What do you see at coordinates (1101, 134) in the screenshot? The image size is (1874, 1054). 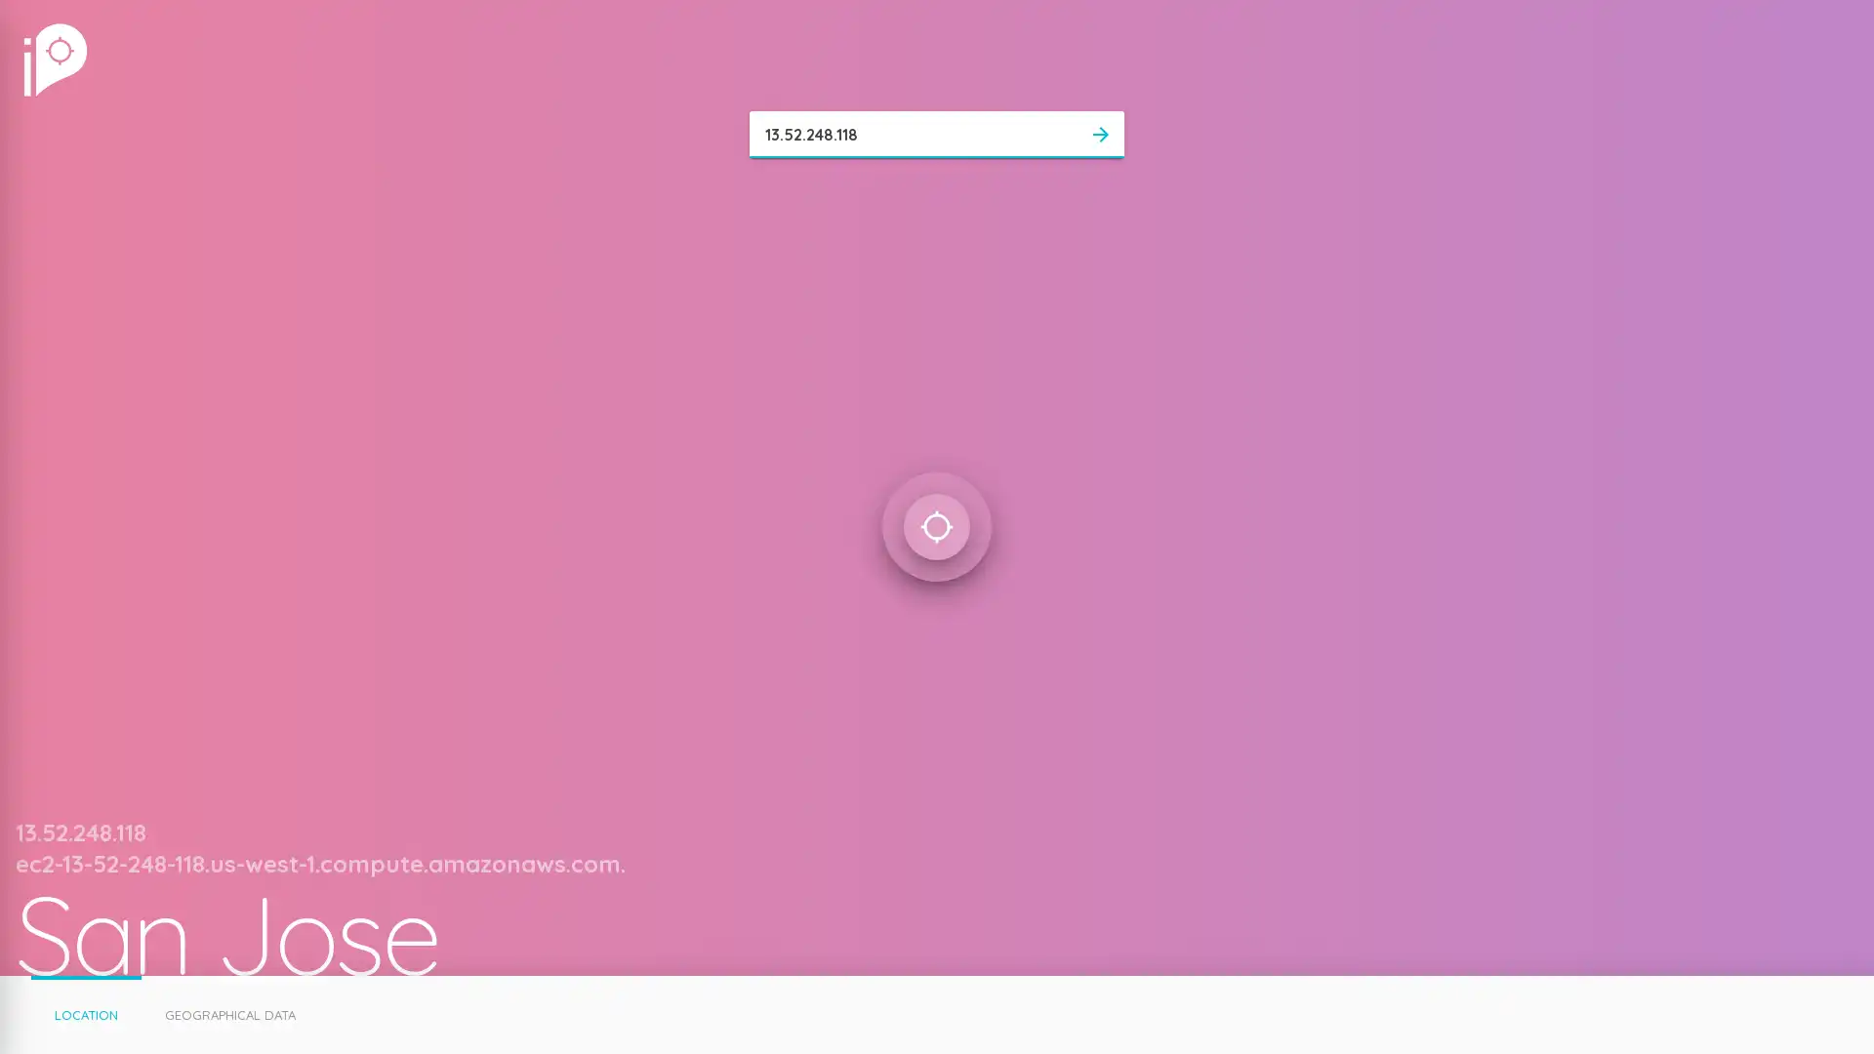 I see `arrow_forward` at bounding box center [1101, 134].